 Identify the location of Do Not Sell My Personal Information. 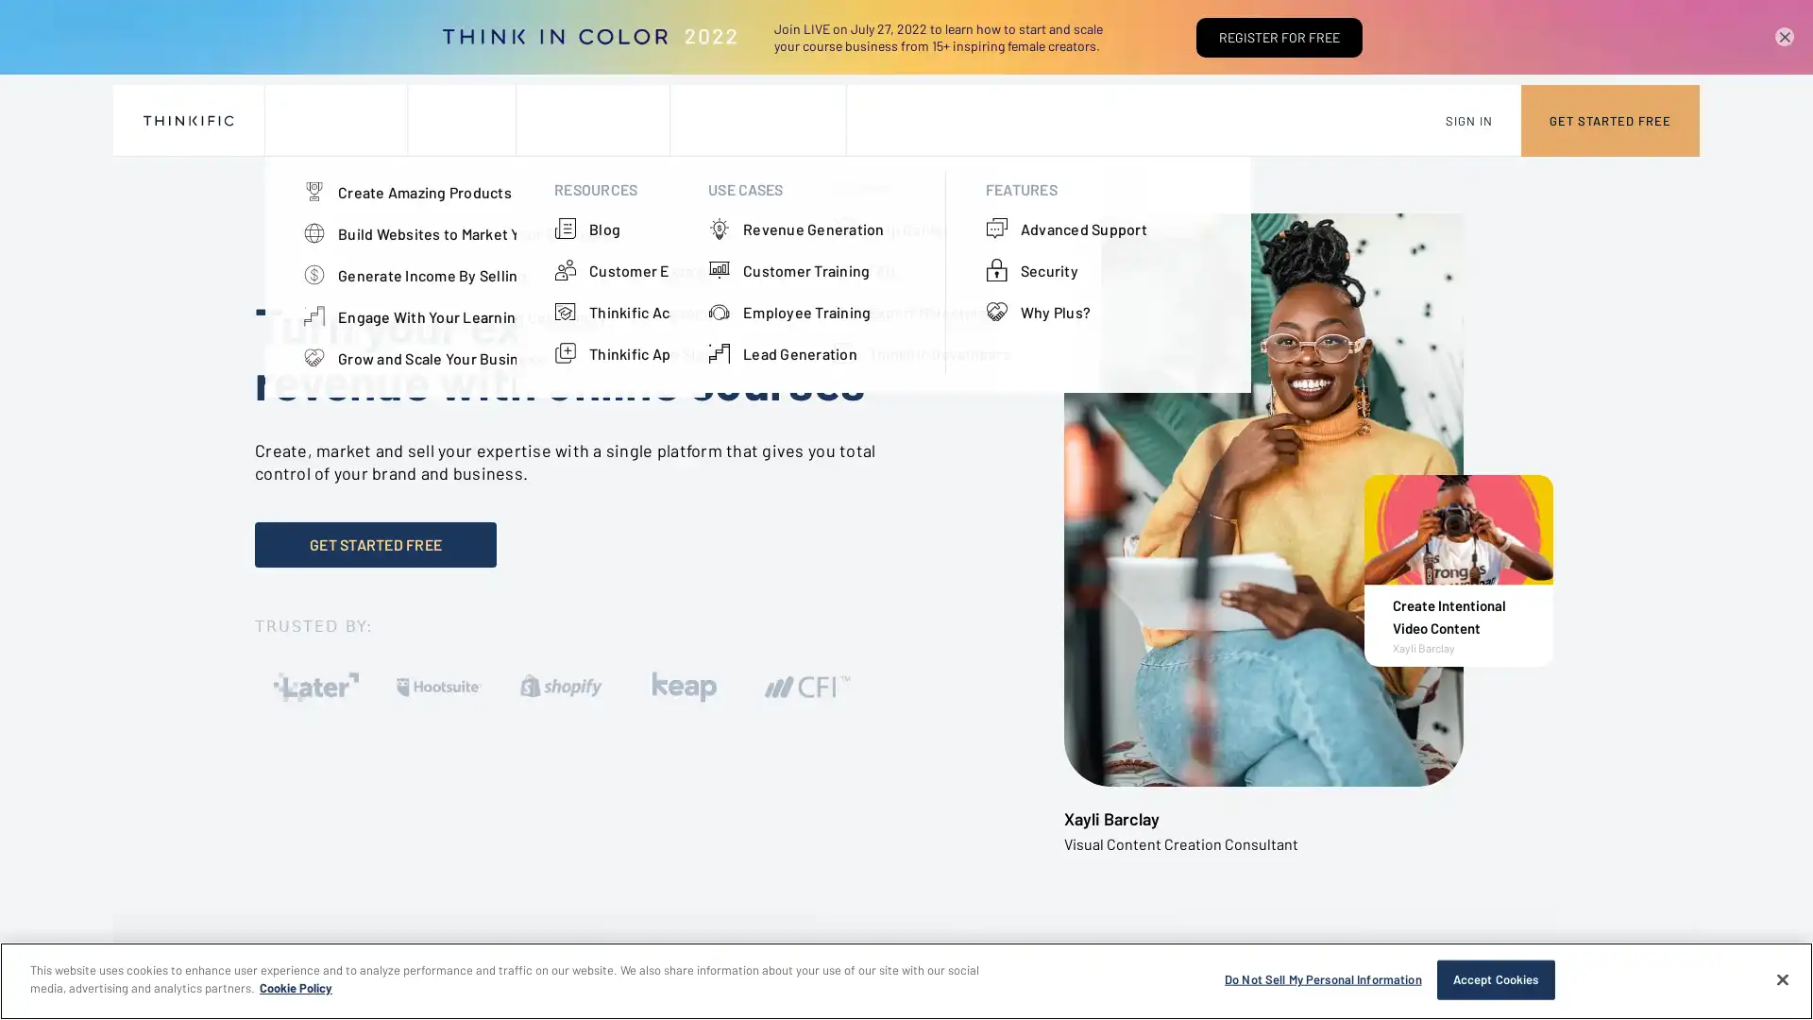
(1322, 978).